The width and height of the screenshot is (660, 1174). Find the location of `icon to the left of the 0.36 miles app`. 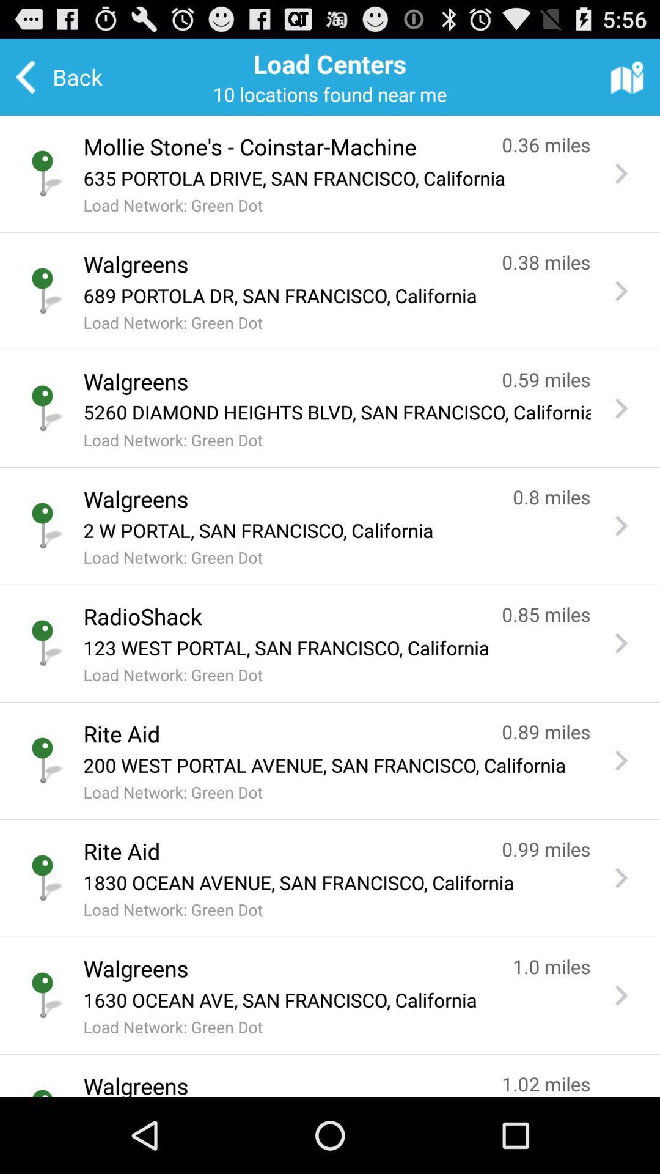

icon to the left of the 0.36 miles app is located at coordinates (280, 147).